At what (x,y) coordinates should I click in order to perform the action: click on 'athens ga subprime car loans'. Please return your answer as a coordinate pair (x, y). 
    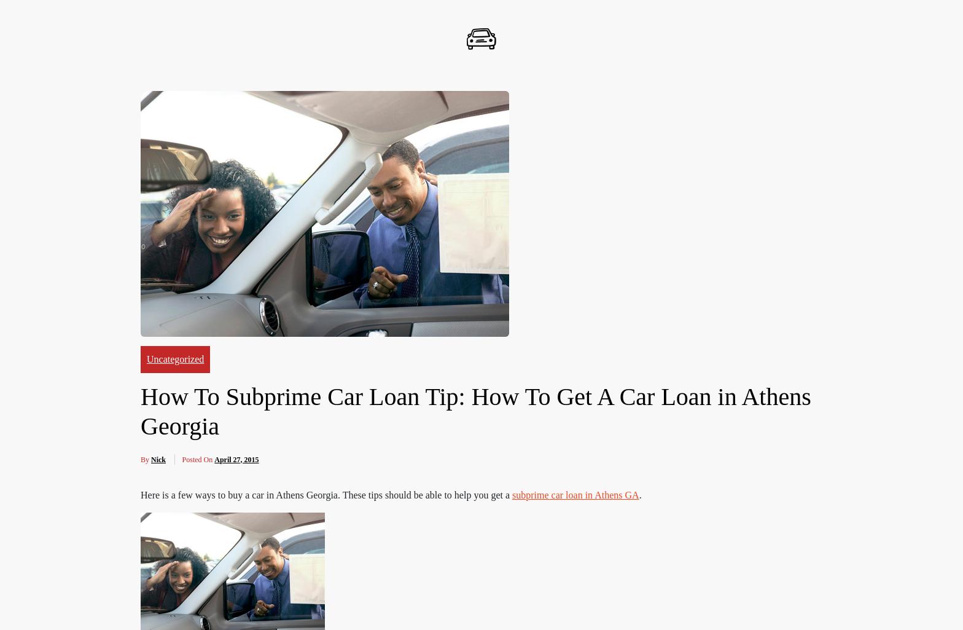
    Looking at the image, I should click on (208, 483).